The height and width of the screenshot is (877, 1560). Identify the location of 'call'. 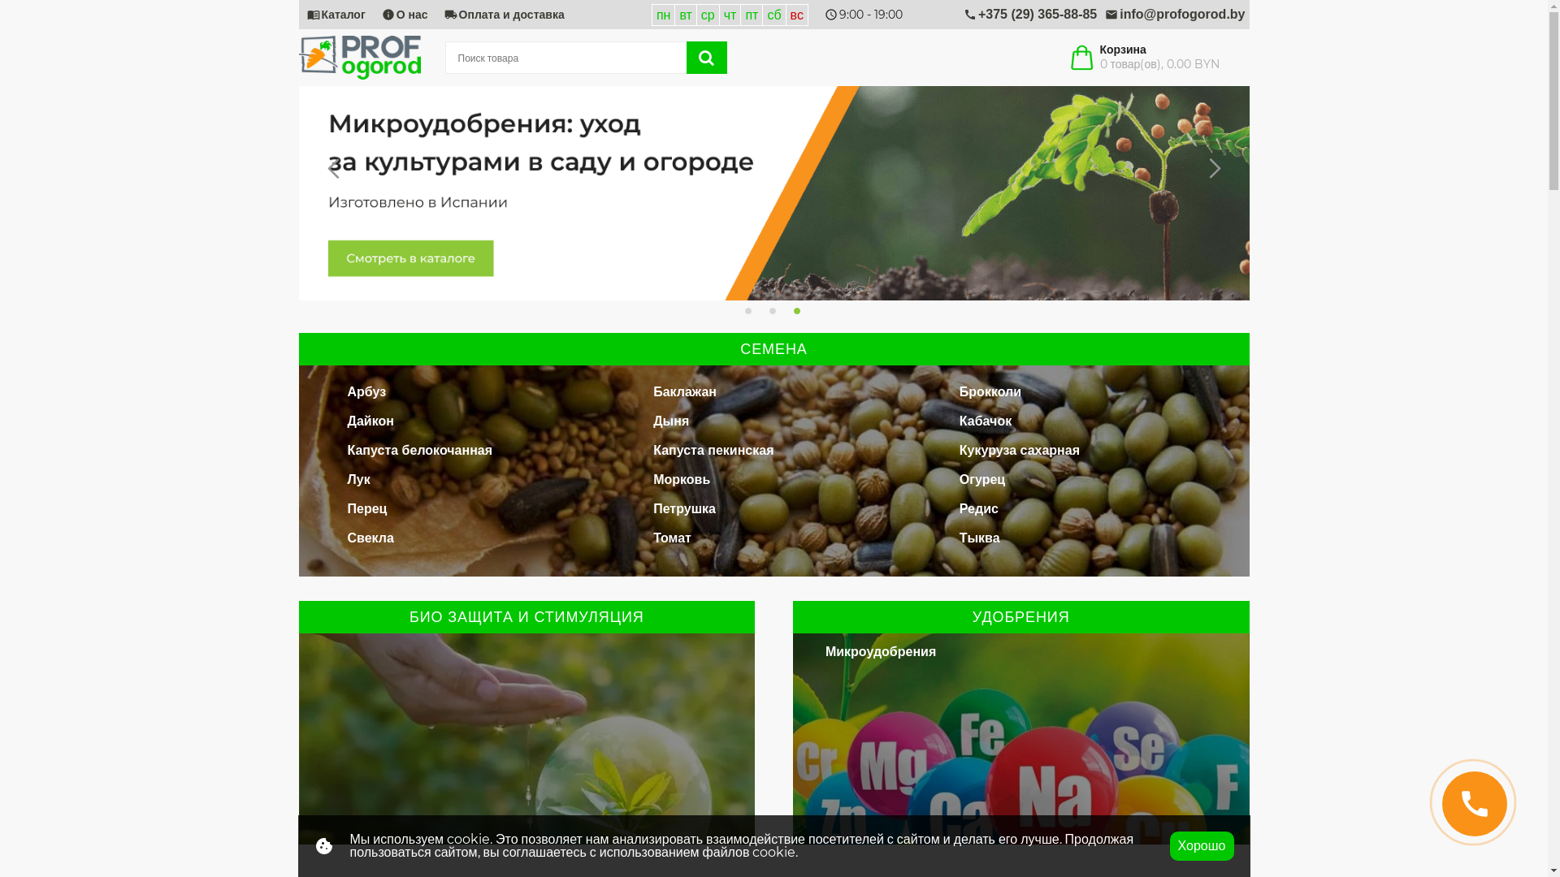
(1474, 804).